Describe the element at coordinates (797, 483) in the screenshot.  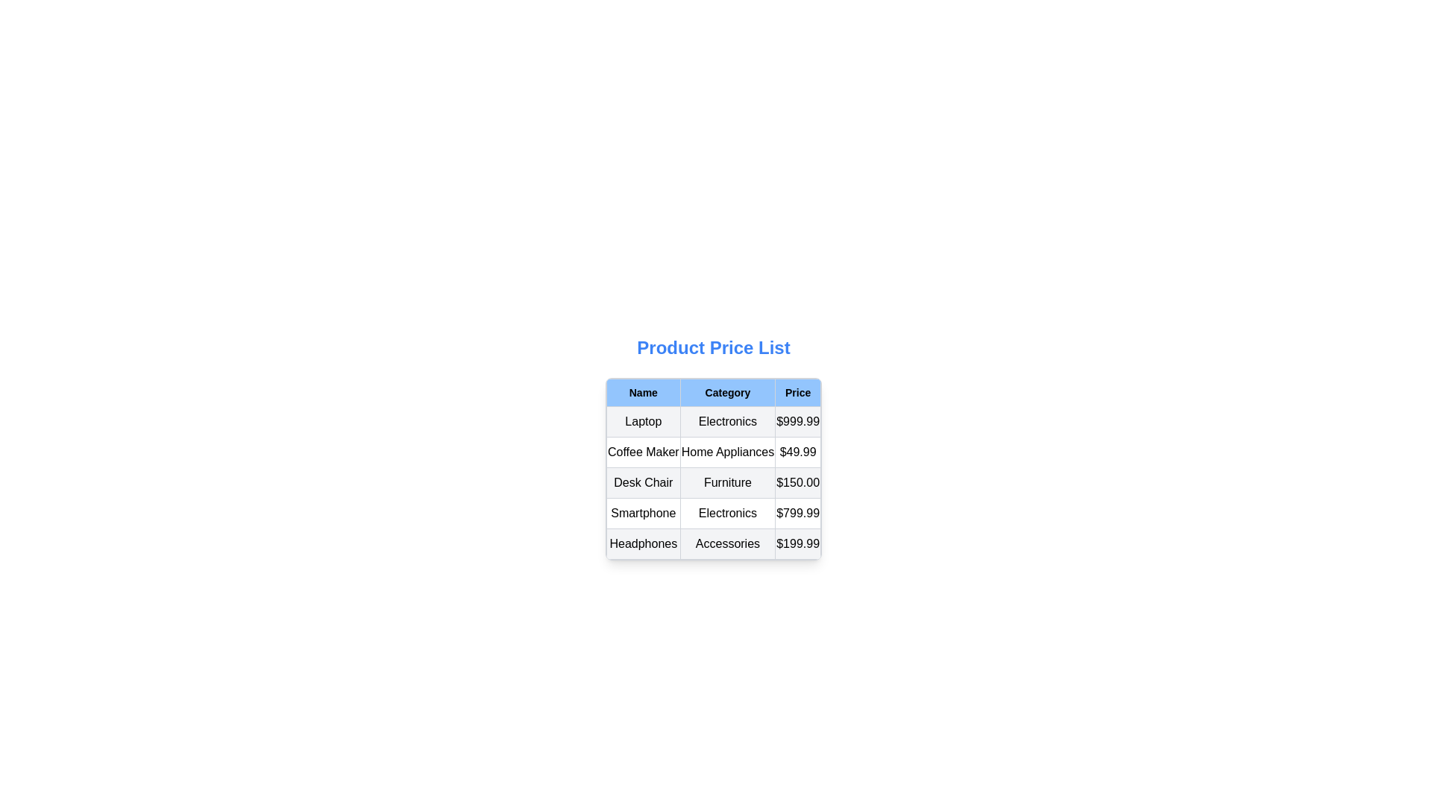
I see `the table cell displaying the price of the 'Desk Chair' item located in the bottom-right corner of the third row under the 'Price' column` at that location.